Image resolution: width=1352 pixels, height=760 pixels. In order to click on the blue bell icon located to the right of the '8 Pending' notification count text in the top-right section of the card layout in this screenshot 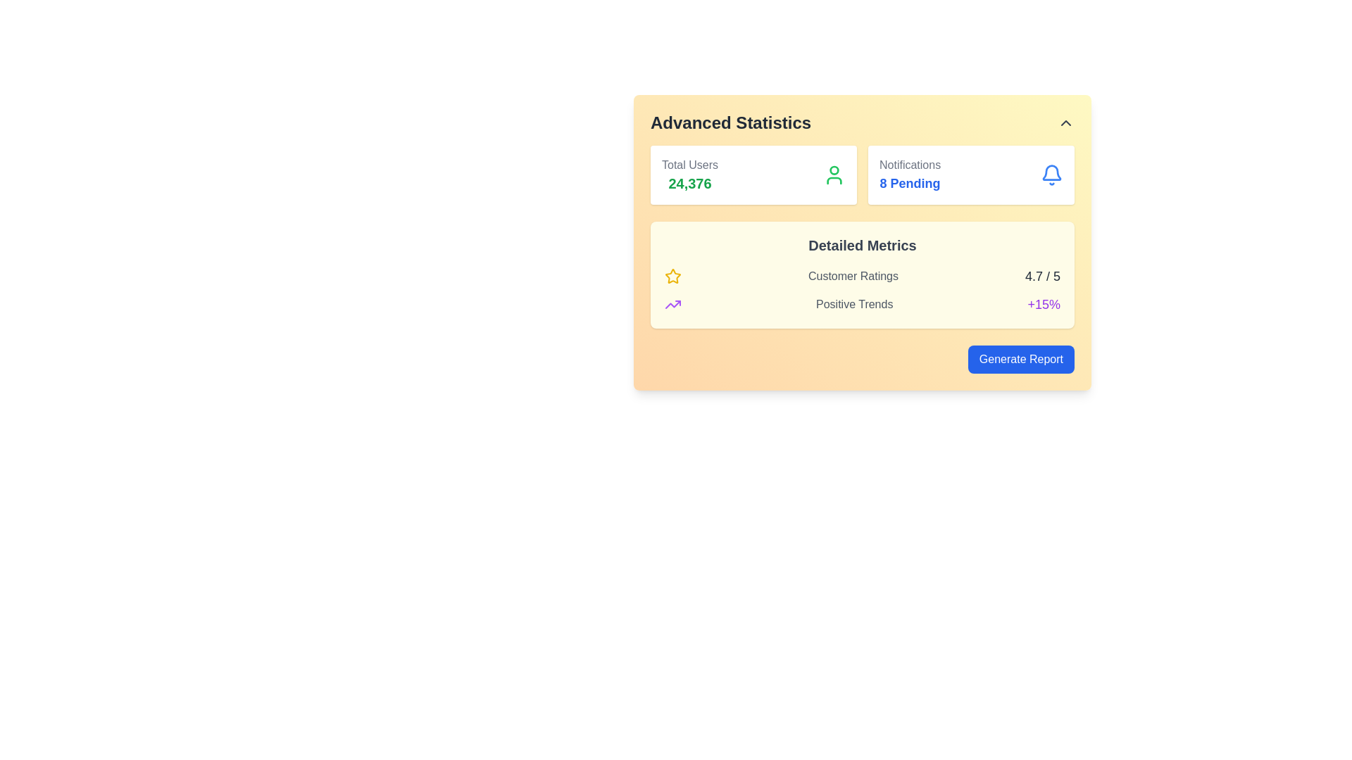, I will do `click(1051, 172)`.